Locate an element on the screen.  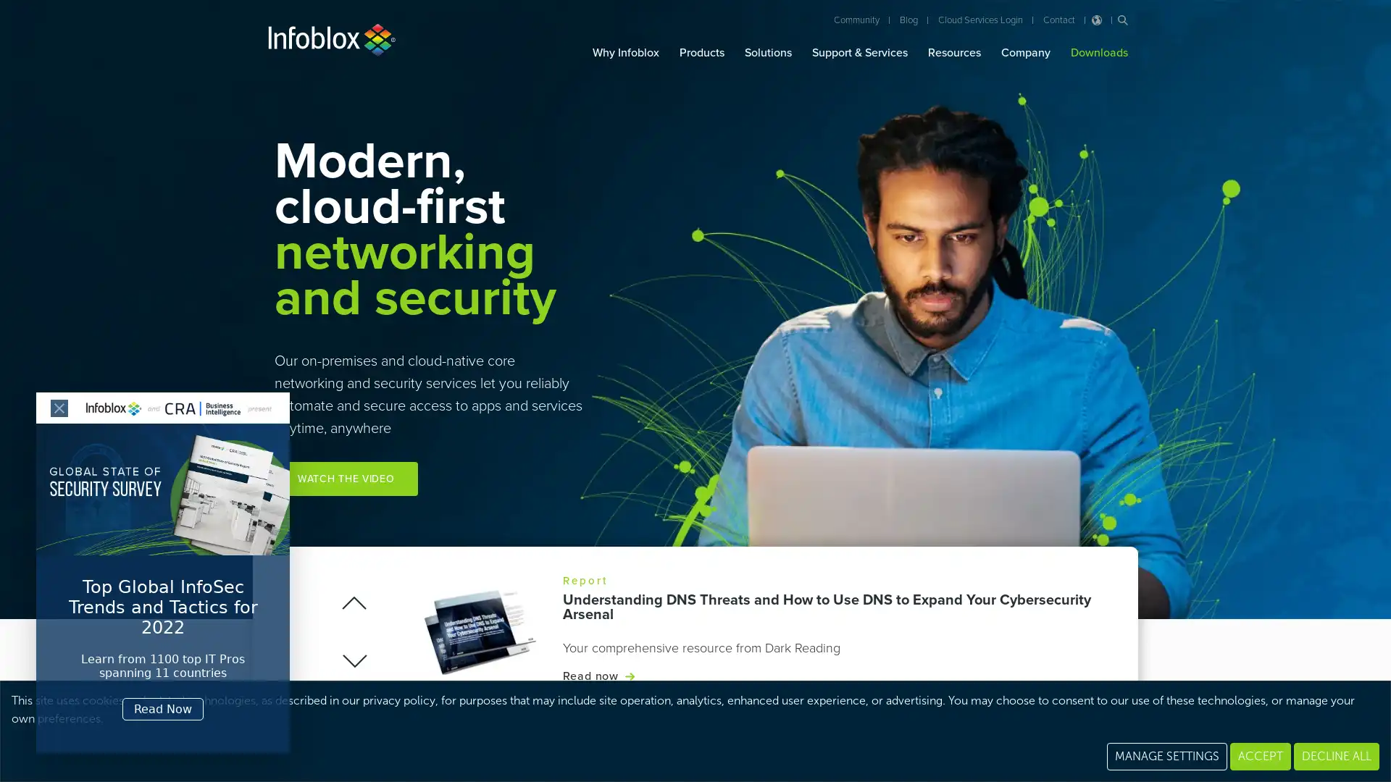
DECLINE ALL is located at coordinates (1335, 755).